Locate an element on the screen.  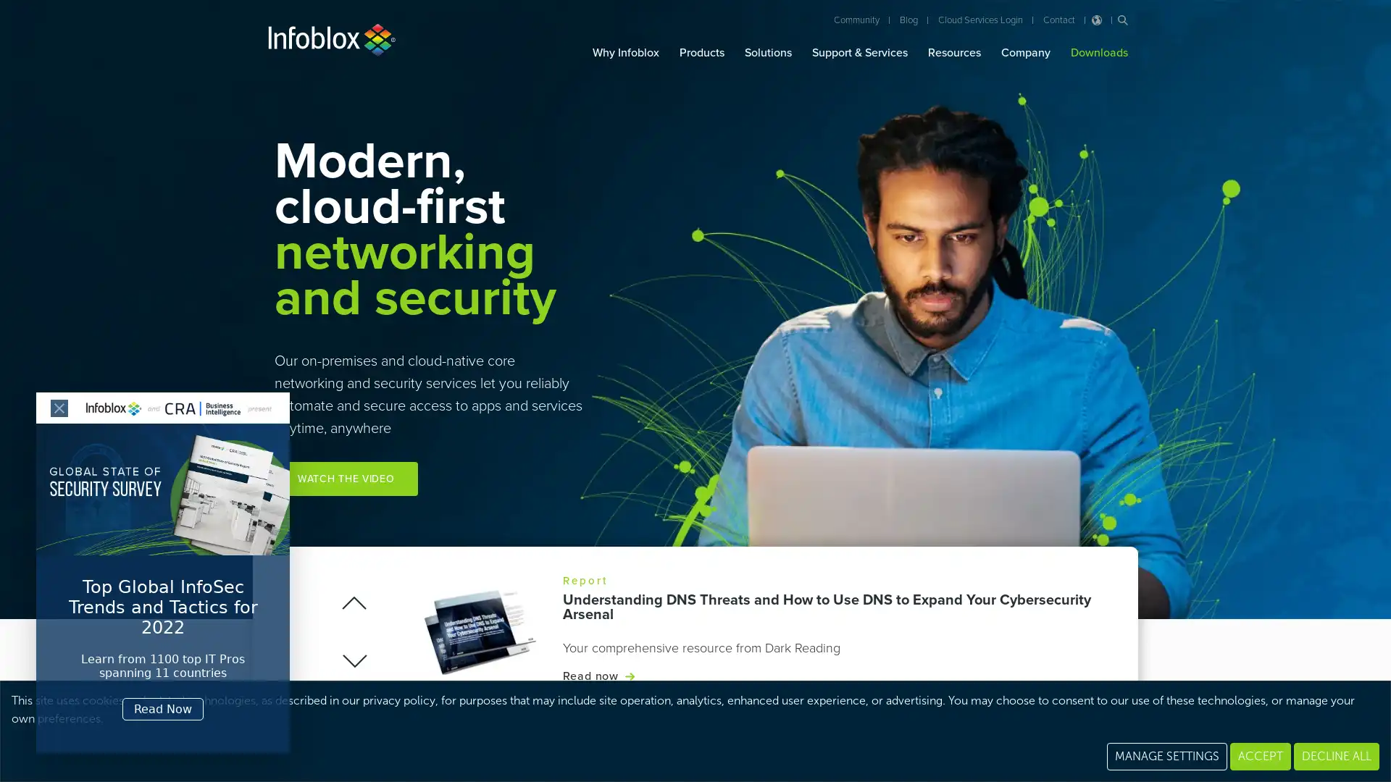
DECLINE ALL is located at coordinates (1335, 755).